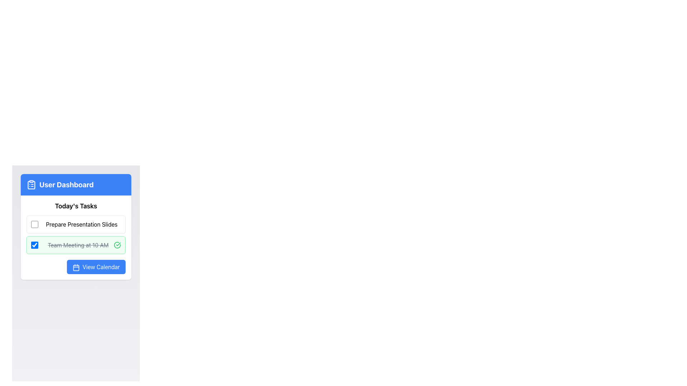 The height and width of the screenshot is (386, 687). I want to click on the Text Label that serves as the header of the user interface section, located centrally in the blue rectangular section at the top of the card, following a clipboard icon, so click(66, 184).